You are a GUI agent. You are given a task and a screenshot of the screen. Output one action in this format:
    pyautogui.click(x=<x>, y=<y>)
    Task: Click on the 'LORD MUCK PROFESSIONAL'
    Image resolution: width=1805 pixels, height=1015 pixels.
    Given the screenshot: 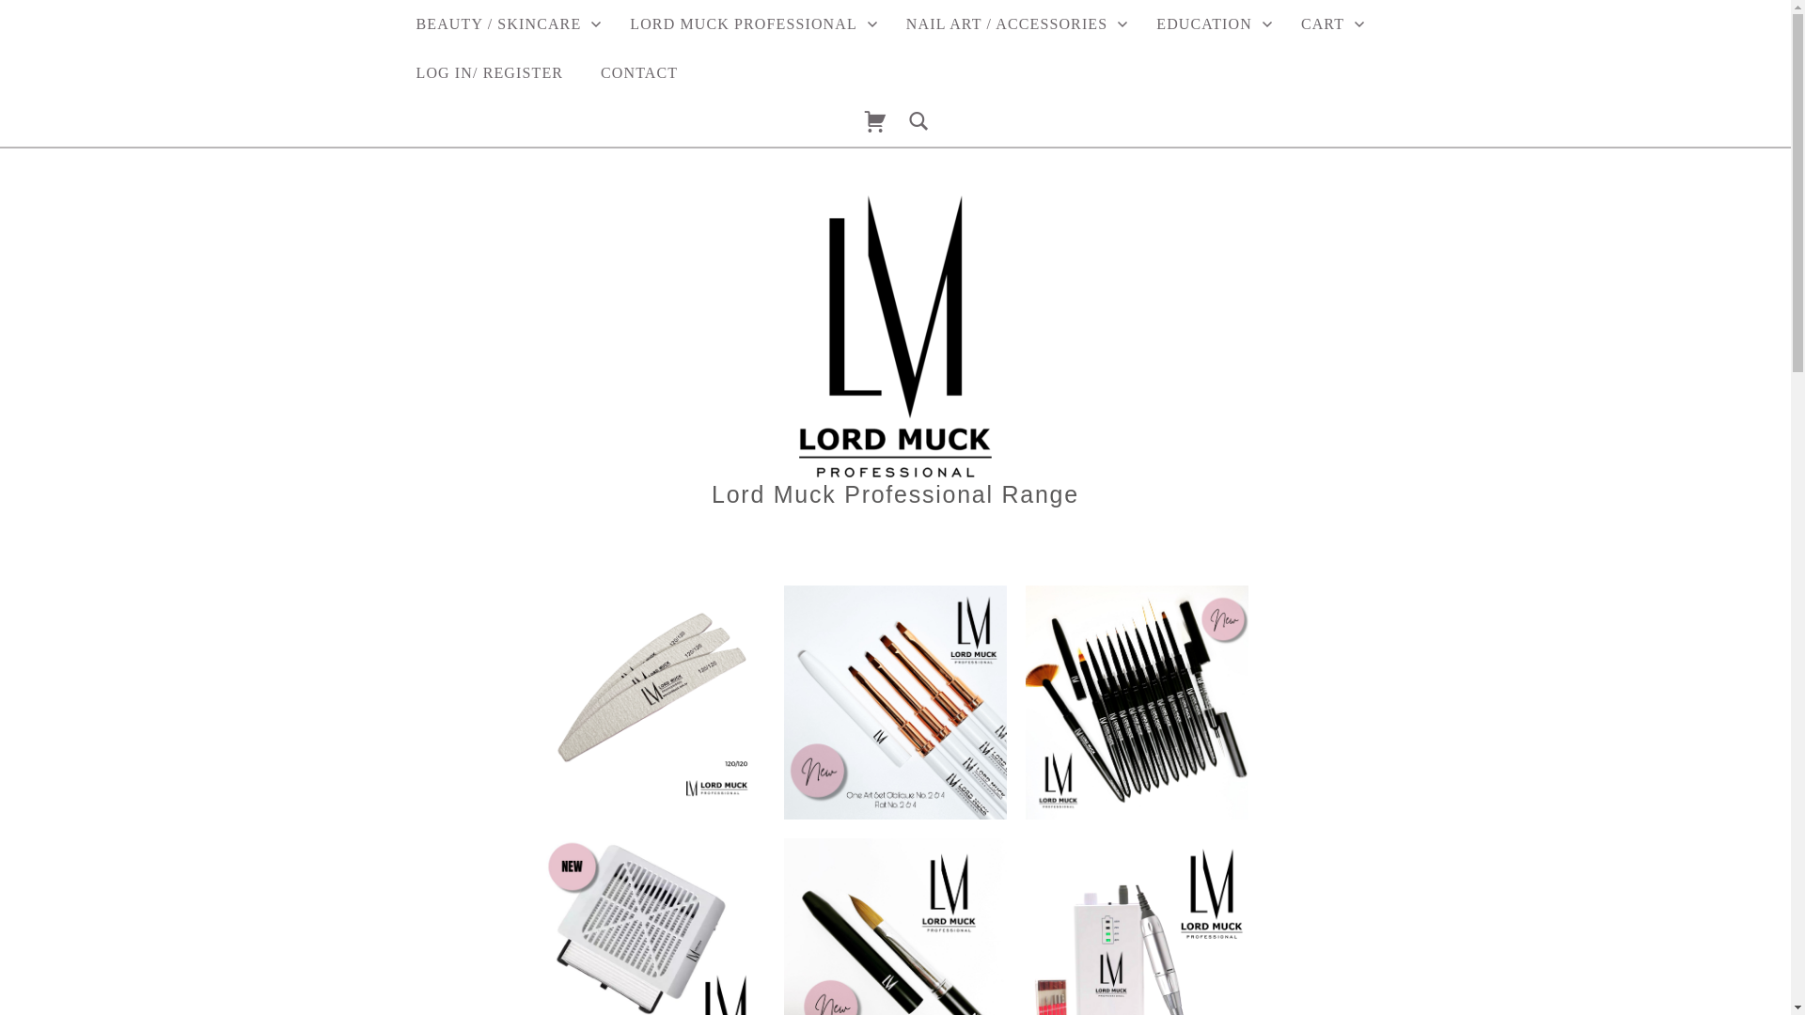 What is the action you would take?
    pyautogui.click(x=689, y=25)
    